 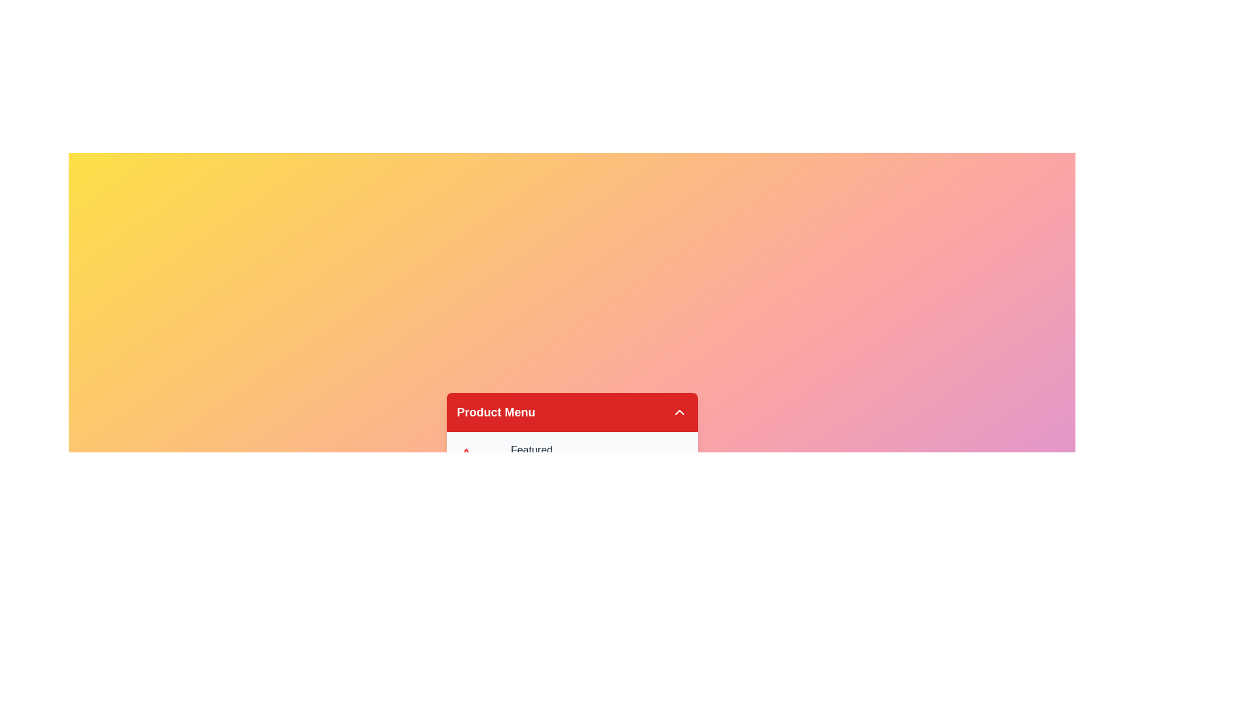 I want to click on the toggle button to change the menu state, so click(x=679, y=412).